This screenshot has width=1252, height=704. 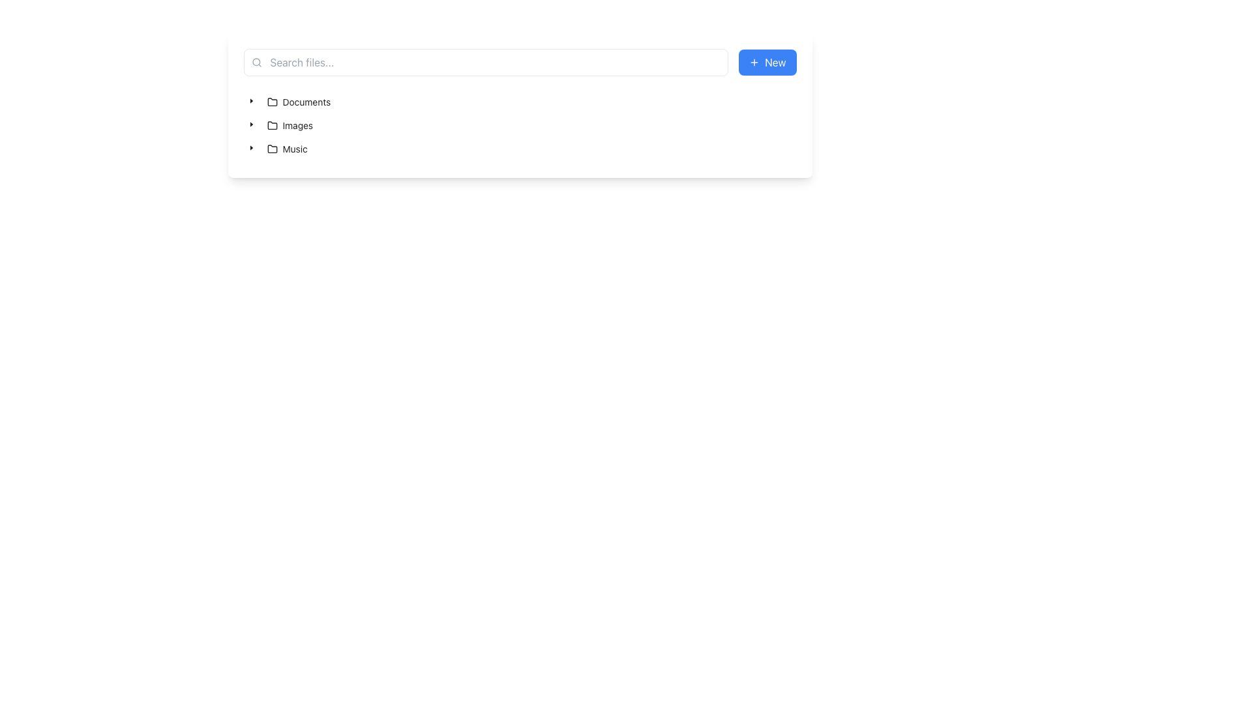 What do you see at coordinates (289, 125) in the screenshot?
I see `the 'Images' label with a folder icon, which is the second item` at bounding box center [289, 125].